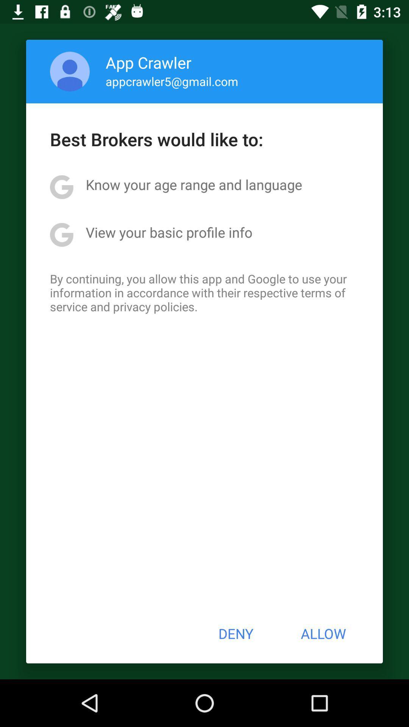 Image resolution: width=409 pixels, height=727 pixels. I want to click on view your basic item, so click(169, 232).